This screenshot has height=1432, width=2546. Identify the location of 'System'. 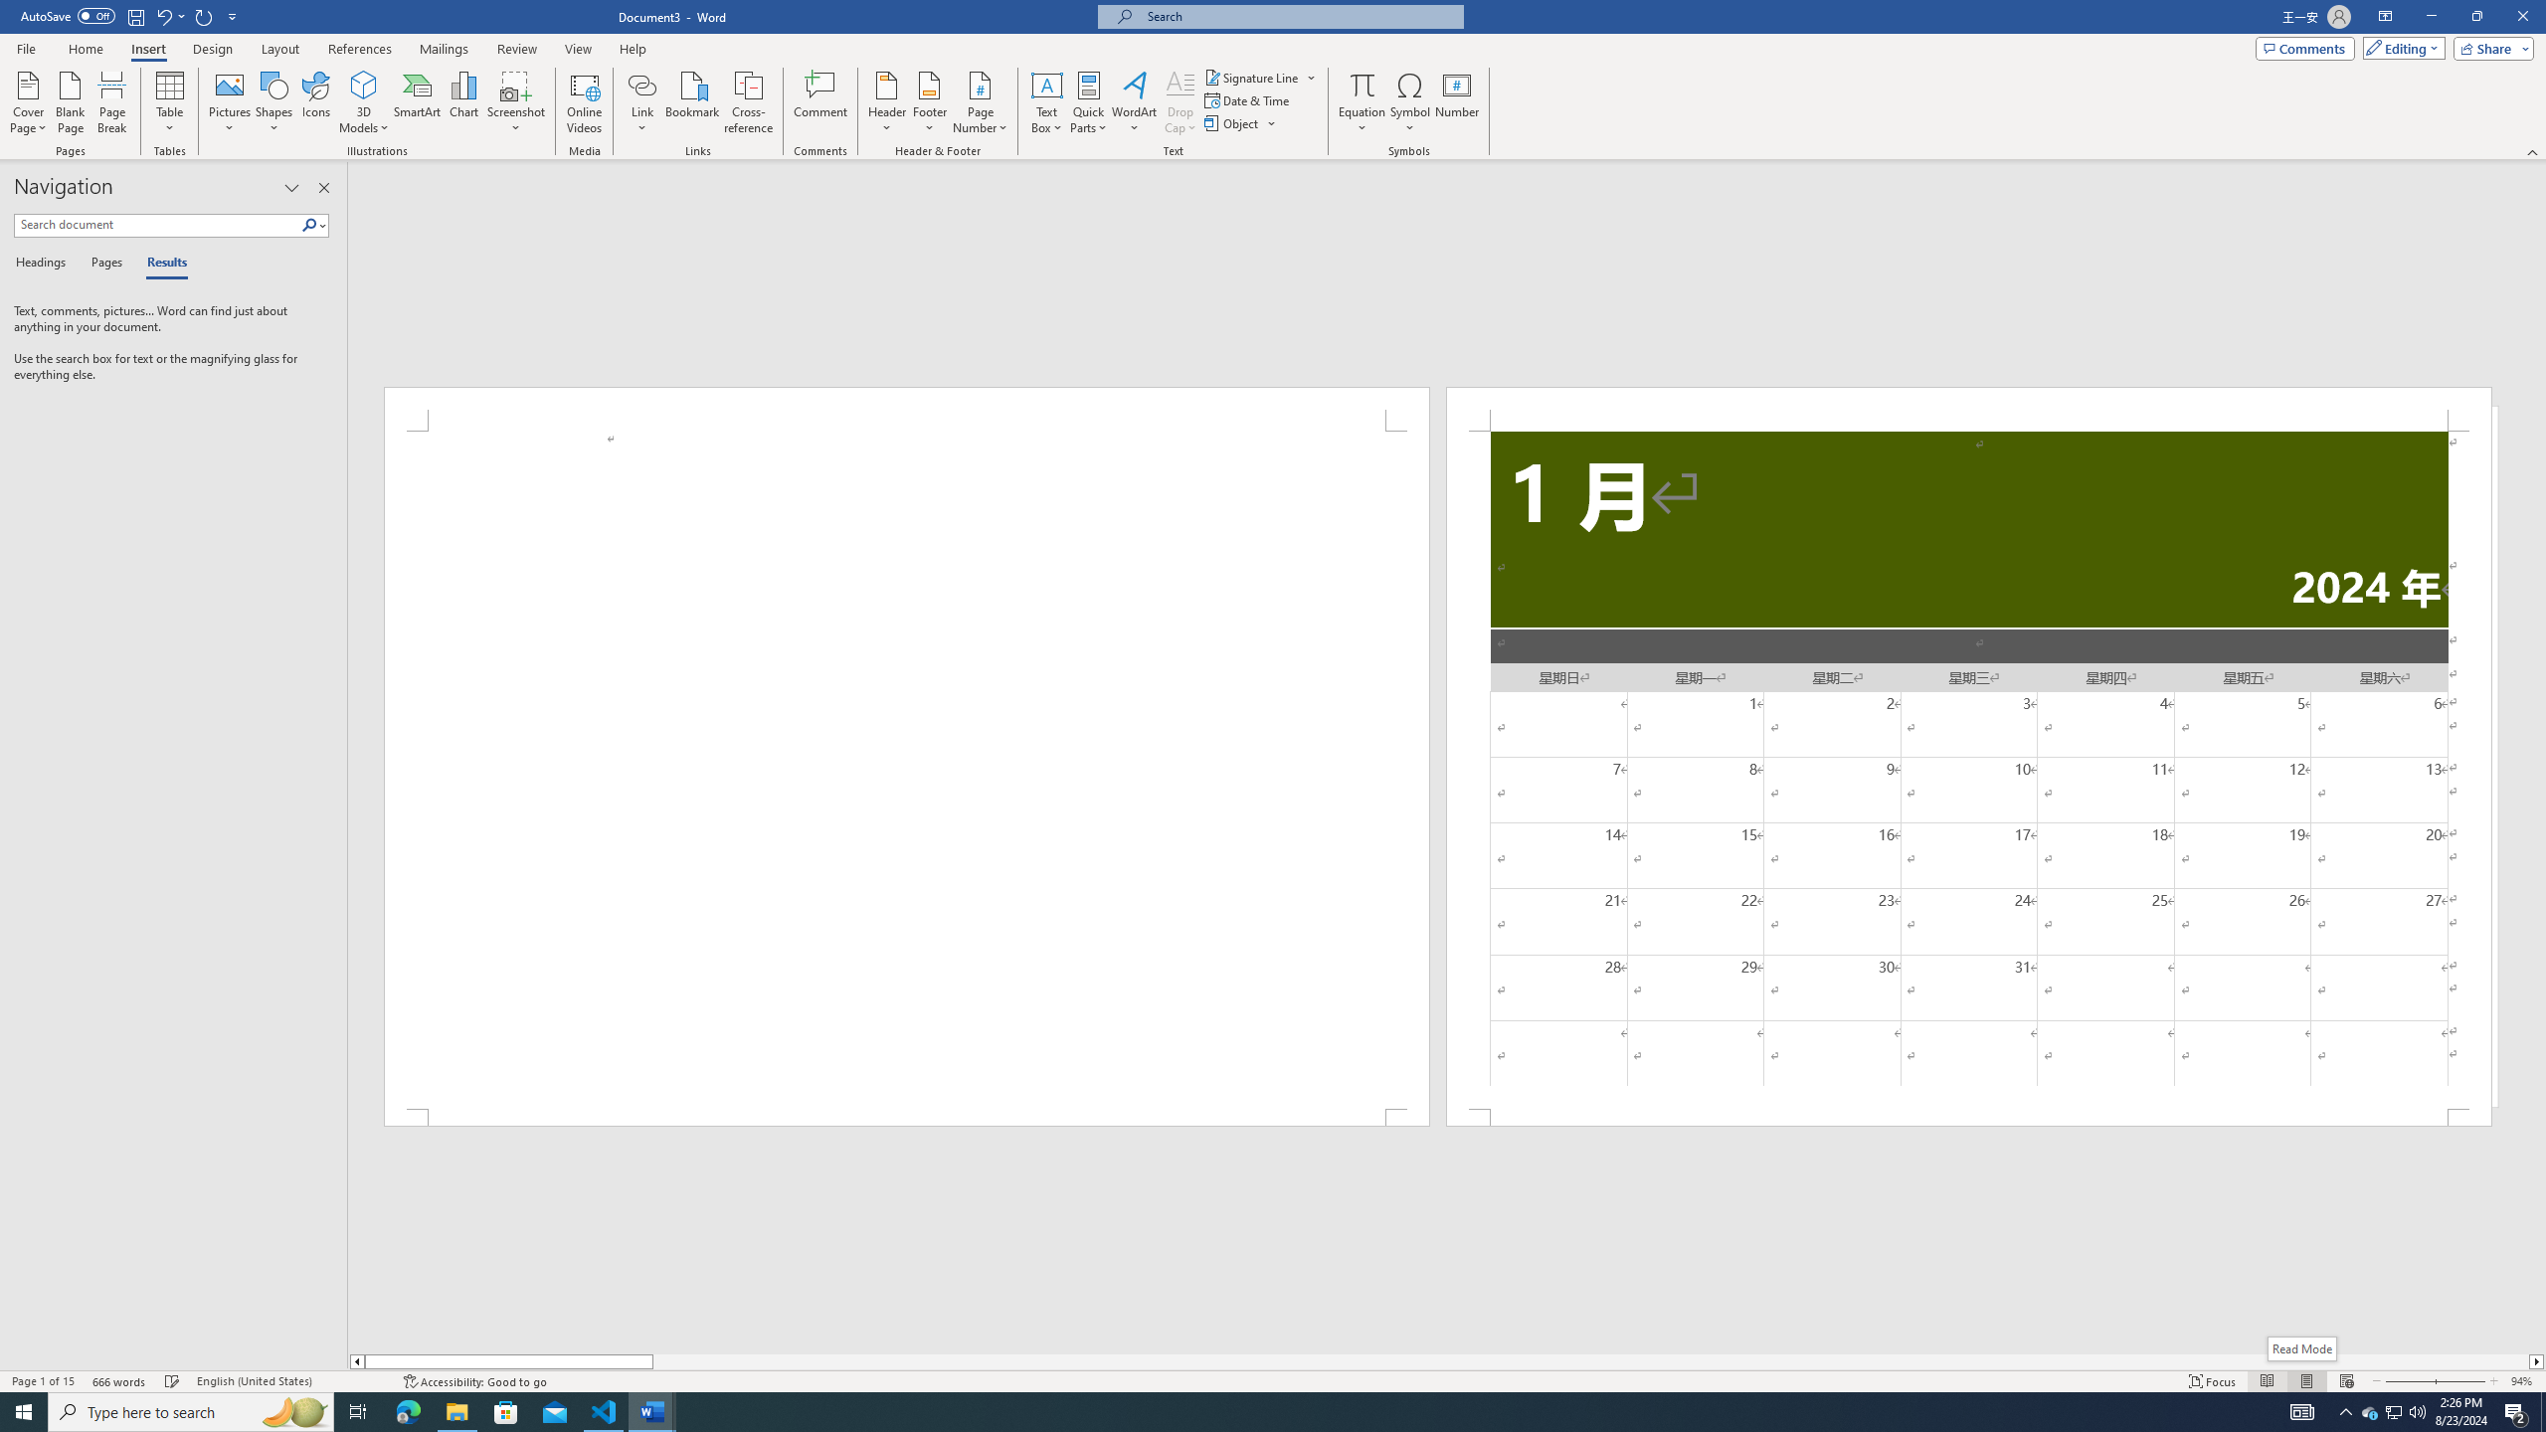
(11, 9).